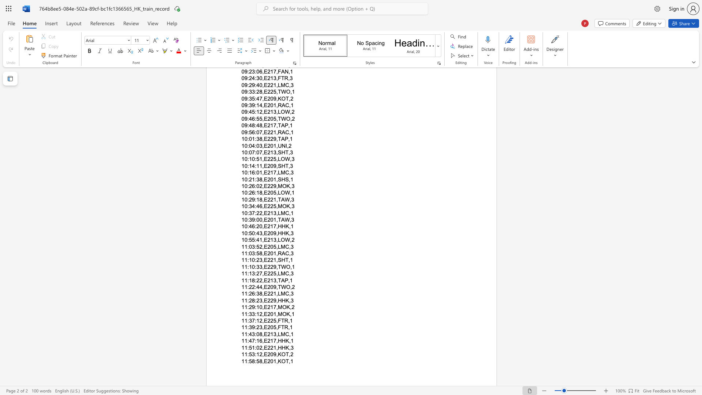 The width and height of the screenshot is (702, 395). Describe the element at coordinates (262, 320) in the screenshot. I see `the subset text ",E225," within the text "11:37:12,E225,FTR,1"` at that location.